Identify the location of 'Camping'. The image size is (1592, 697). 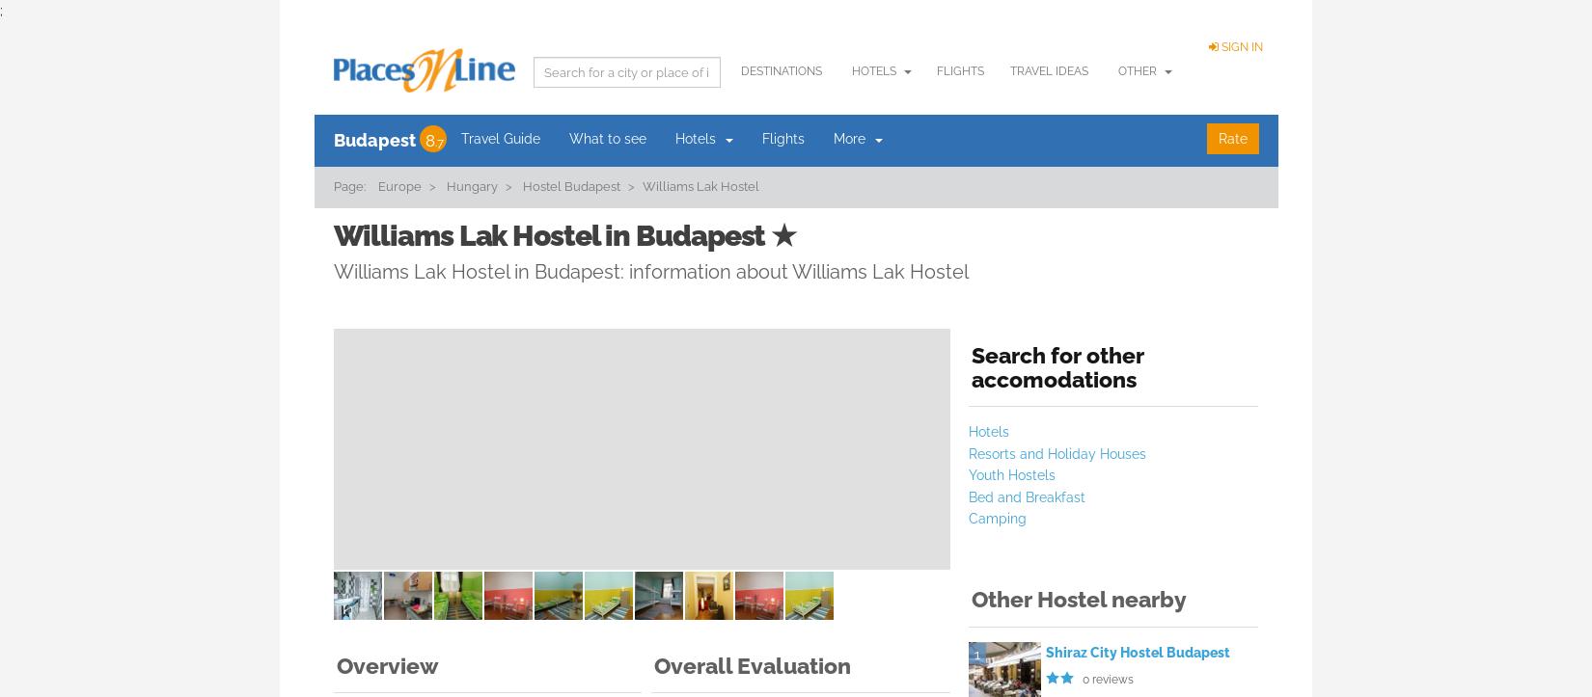
(969, 516).